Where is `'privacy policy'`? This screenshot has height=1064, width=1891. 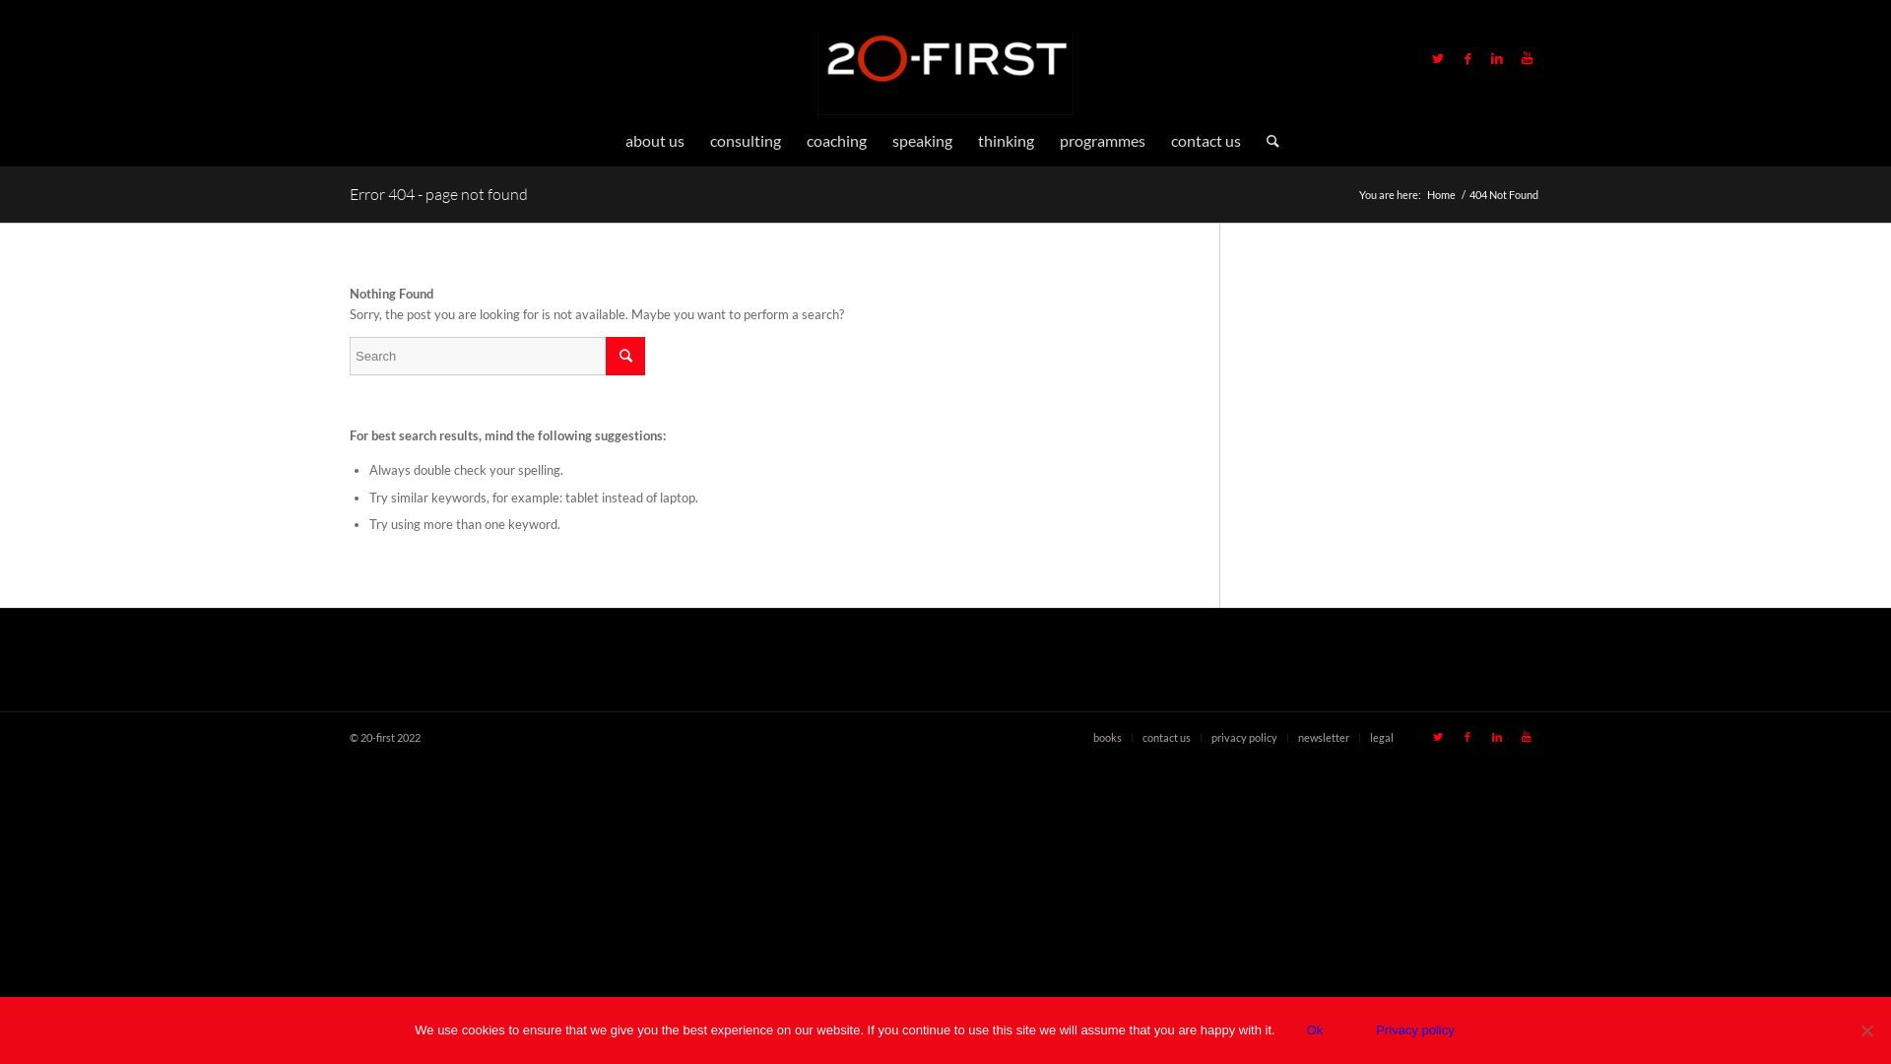
'privacy policy' is located at coordinates (1243, 737).